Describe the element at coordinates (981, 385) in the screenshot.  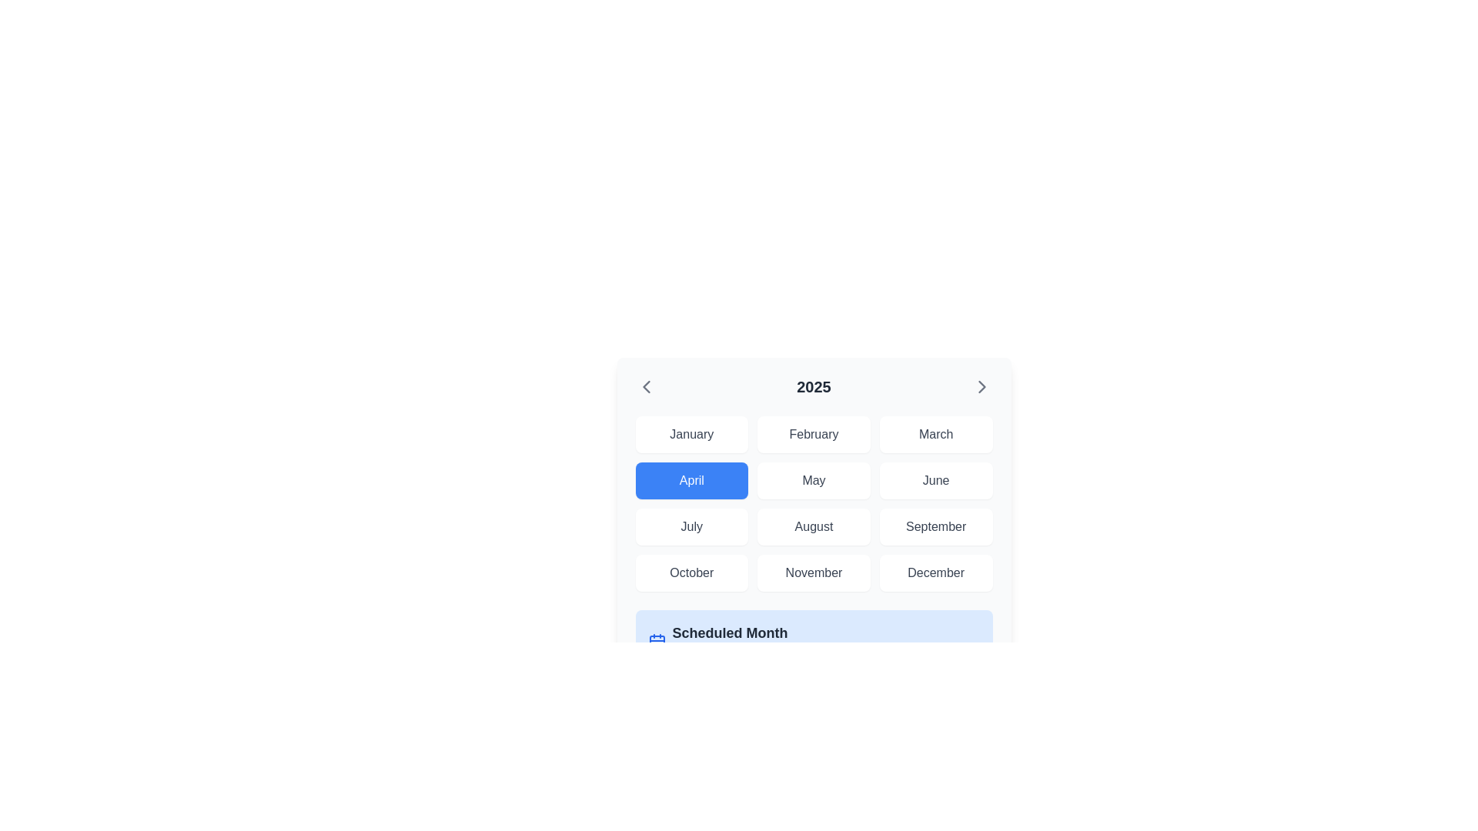
I see `the forward navigation SVG icon located in the top-right corner of the calendar interface` at that location.